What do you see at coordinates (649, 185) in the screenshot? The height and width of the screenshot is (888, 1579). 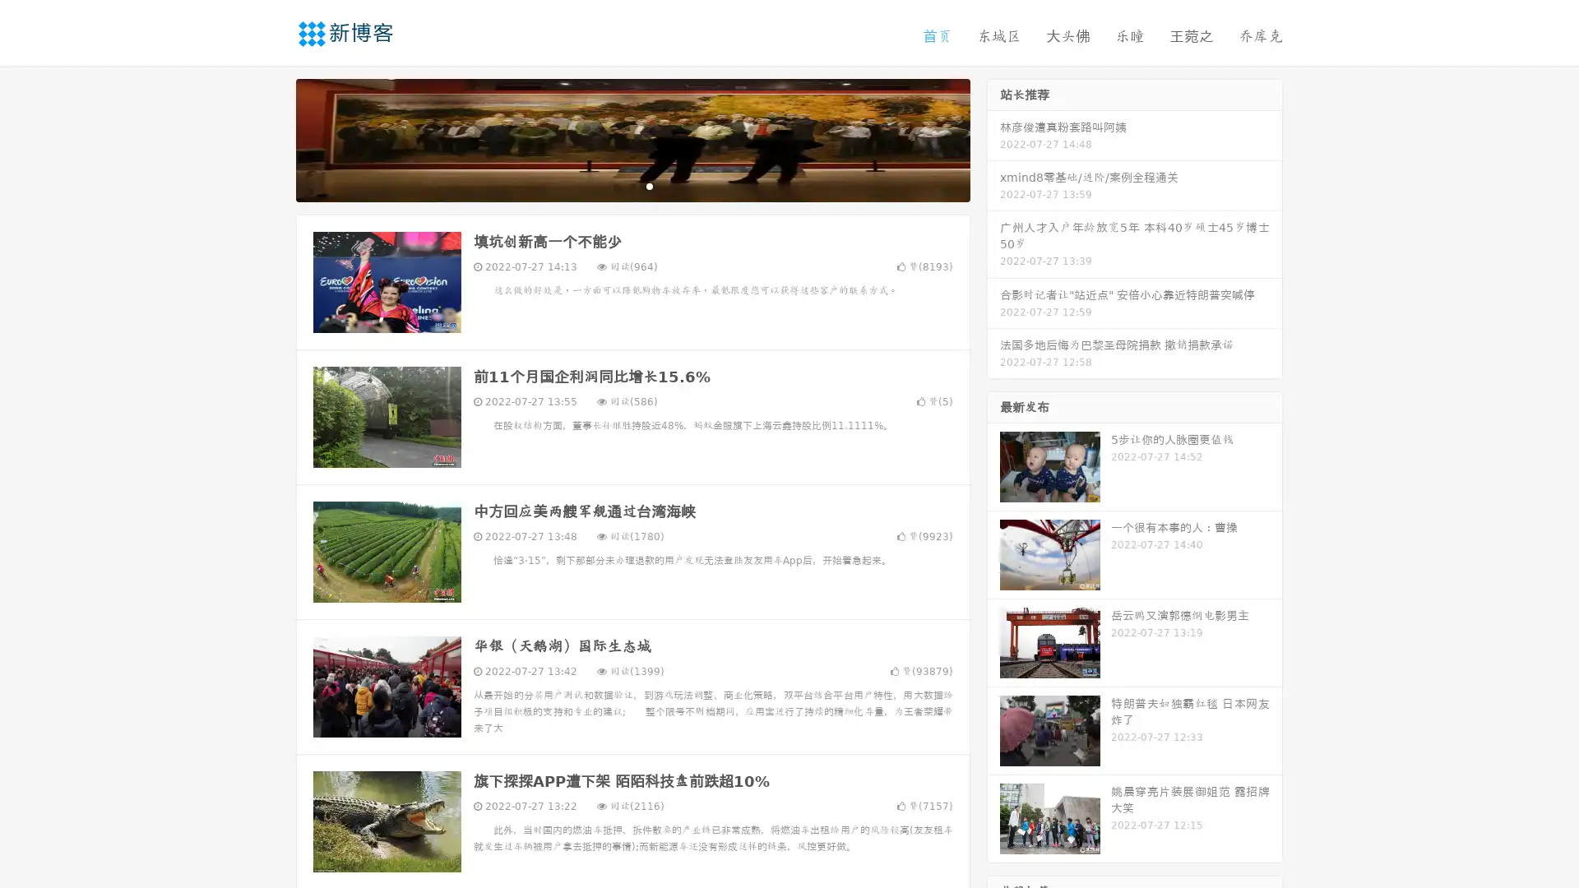 I see `Go to slide 3` at bounding box center [649, 185].